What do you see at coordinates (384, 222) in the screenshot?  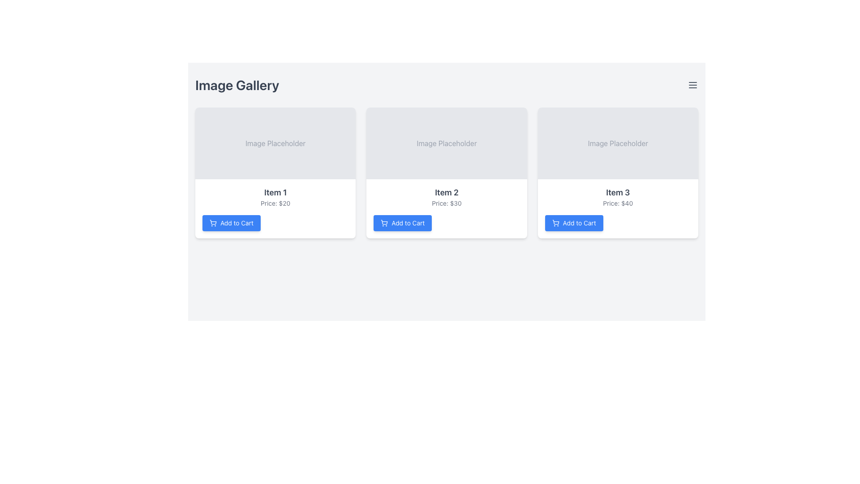 I see `the shopping cart icon within the 'Add to Cart' button for 'Item 2'` at bounding box center [384, 222].